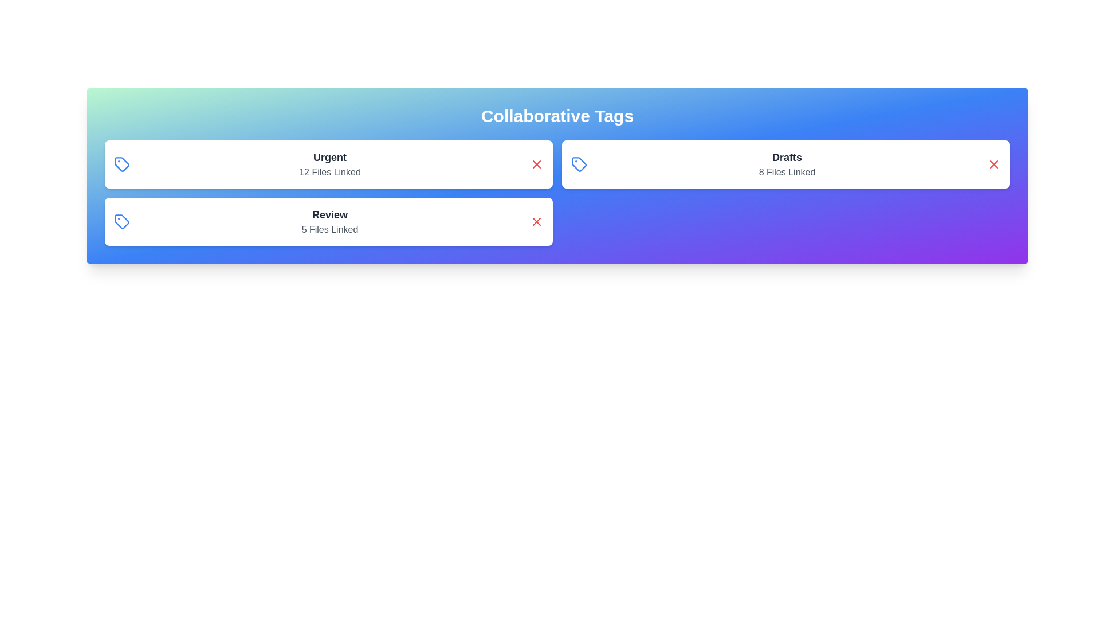 This screenshot has height=619, width=1100. Describe the element at coordinates (328, 221) in the screenshot. I see `the tag card for Review` at that location.